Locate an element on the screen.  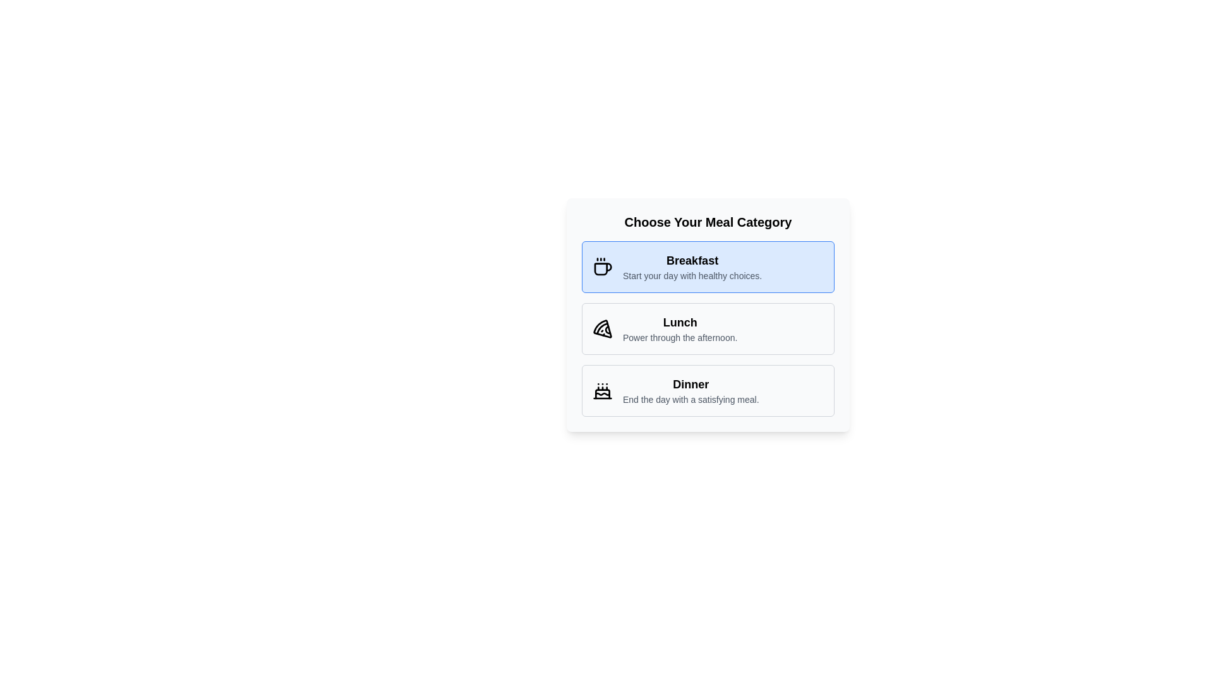
the graphical pizza slice icon is located at coordinates (608, 329).